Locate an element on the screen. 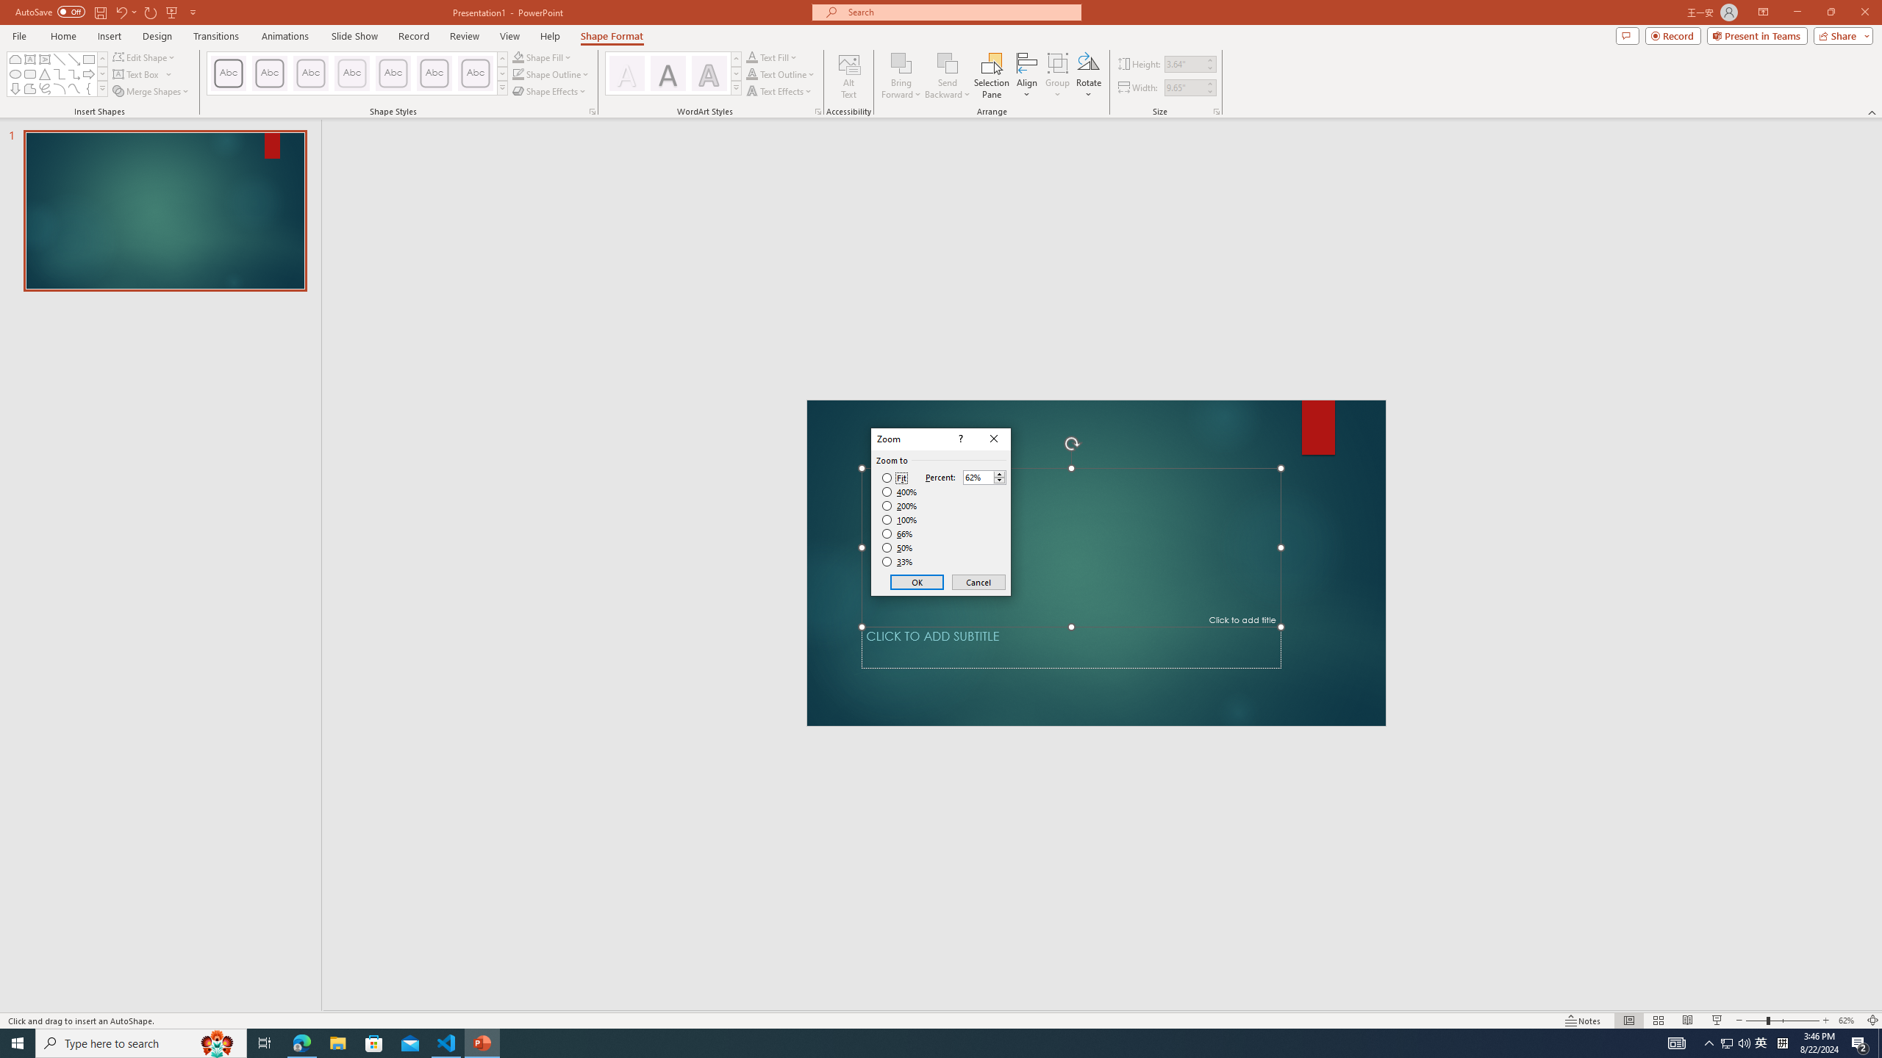 The height and width of the screenshot is (1058, 1882). 'Fill: Dark Red, Accent color 1; Shadow' is located at coordinates (668, 73).